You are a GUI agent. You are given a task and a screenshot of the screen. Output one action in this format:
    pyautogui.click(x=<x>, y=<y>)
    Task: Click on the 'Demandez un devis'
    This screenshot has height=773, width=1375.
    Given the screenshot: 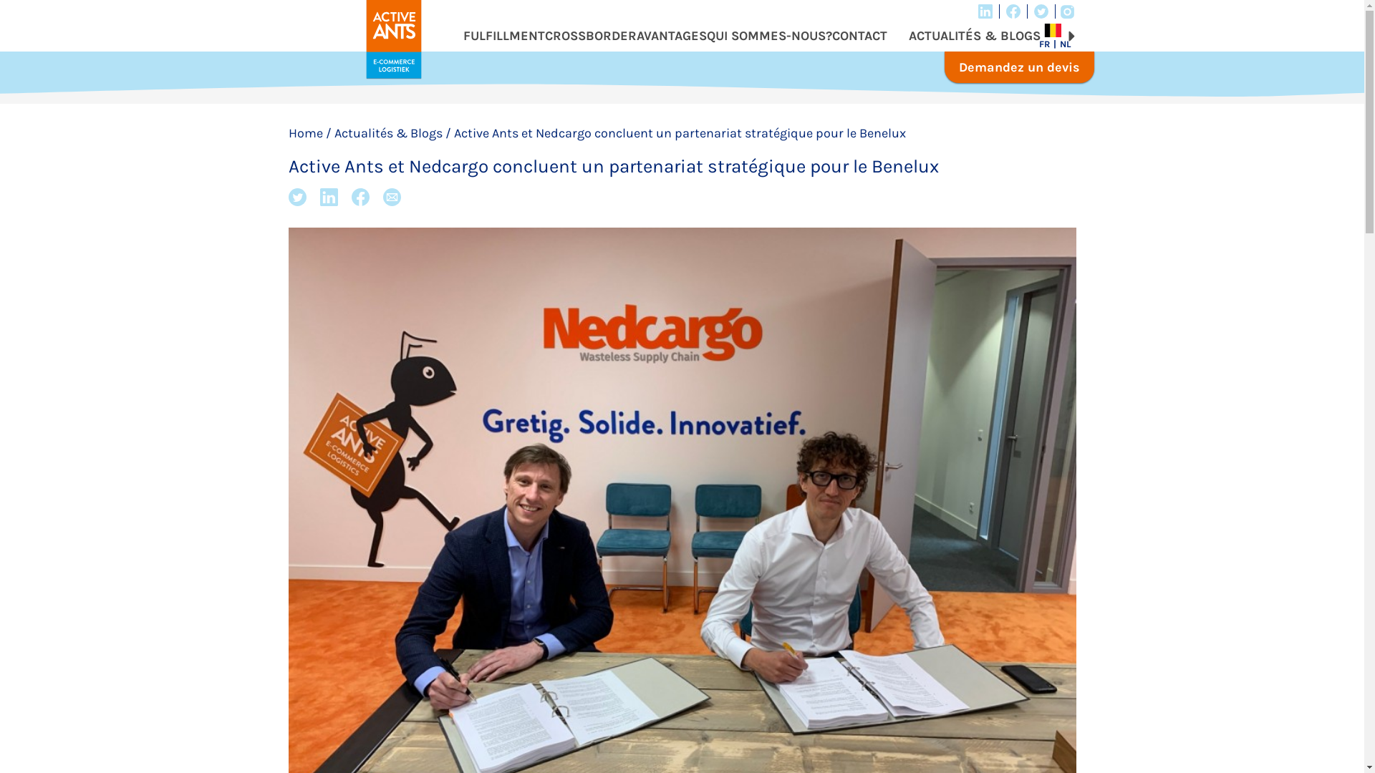 What is the action you would take?
    pyautogui.click(x=944, y=67)
    